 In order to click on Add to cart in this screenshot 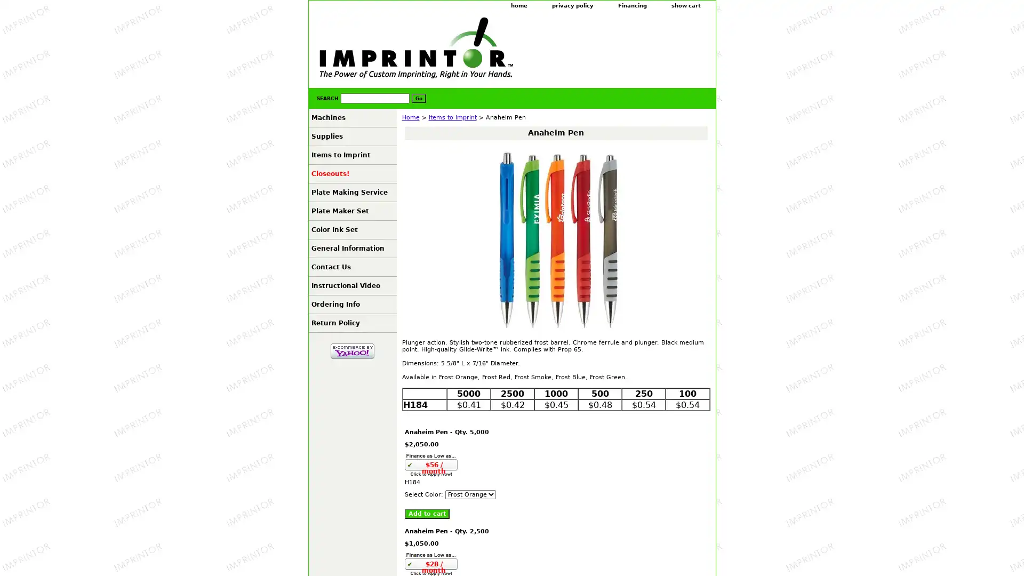, I will do `click(427, 513)`.